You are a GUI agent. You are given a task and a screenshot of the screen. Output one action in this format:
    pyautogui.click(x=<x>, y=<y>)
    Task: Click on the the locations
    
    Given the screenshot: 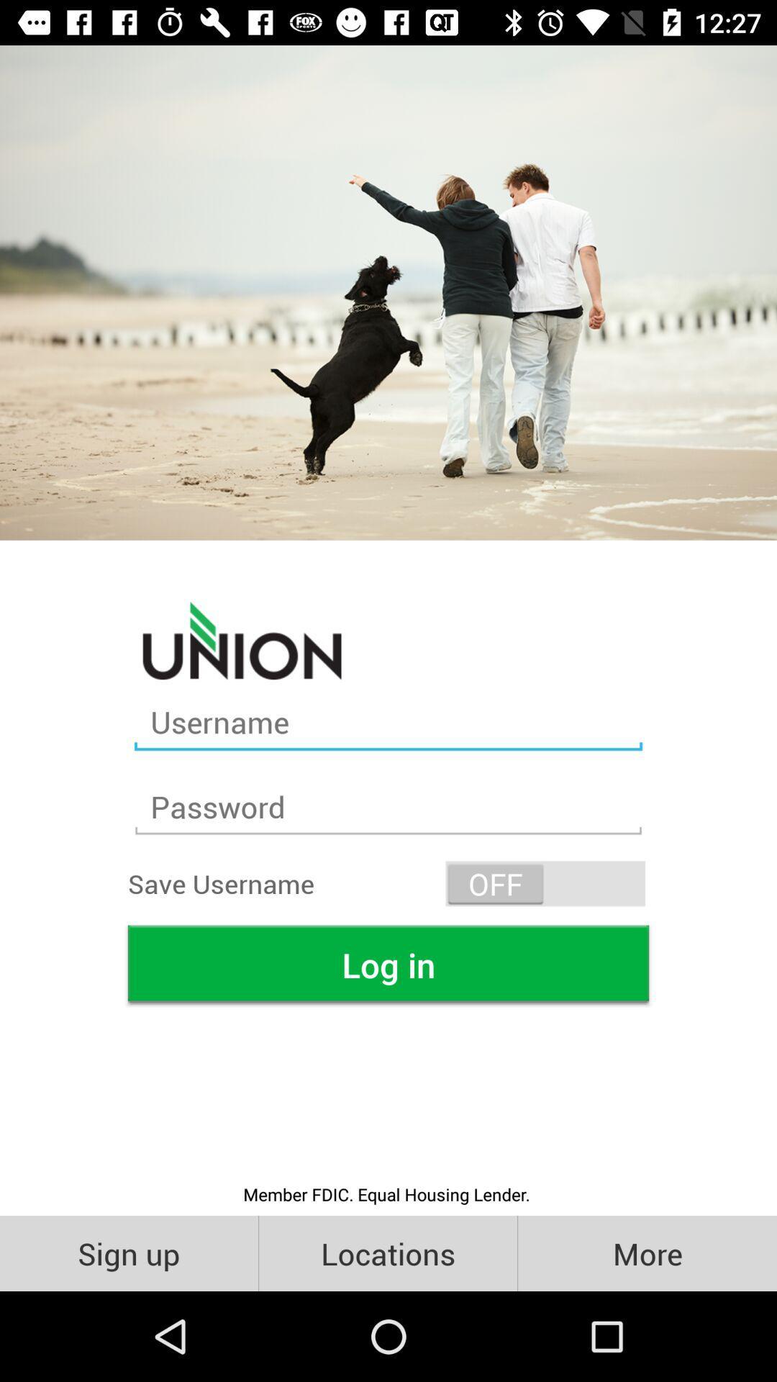 What is the action you would take?
    pyautogui.click(x=387, y=1252)
    